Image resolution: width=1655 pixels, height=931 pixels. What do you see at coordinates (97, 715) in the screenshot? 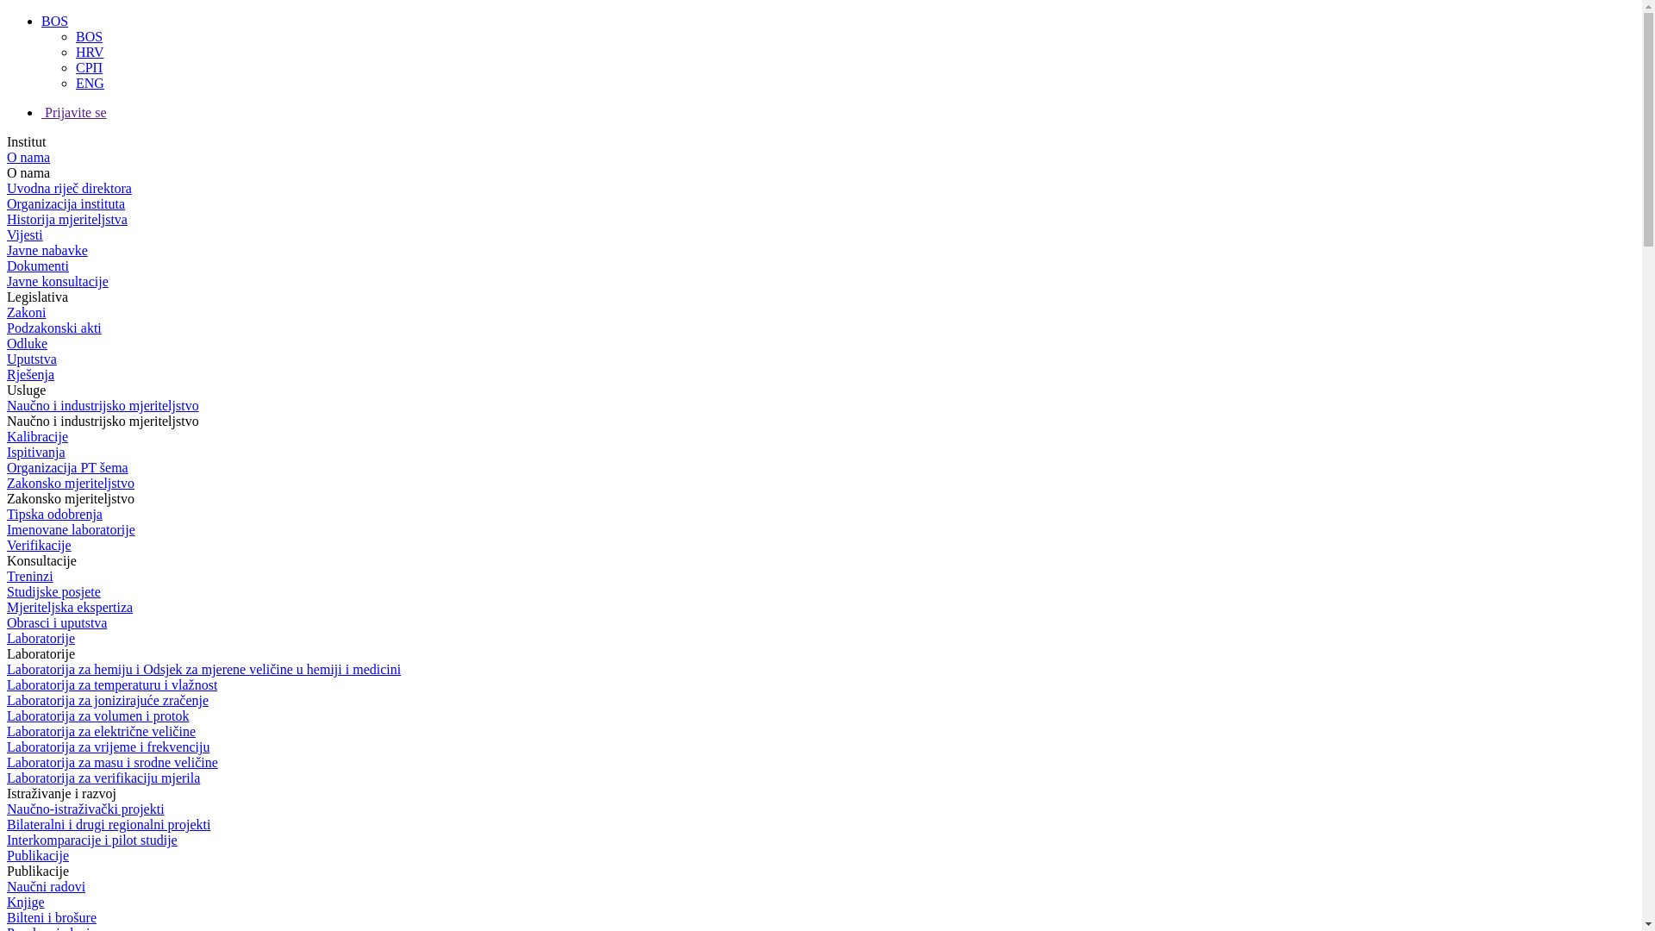
I see `'Laboratorija za volumen i protok'` at bounding box center [97, 715].